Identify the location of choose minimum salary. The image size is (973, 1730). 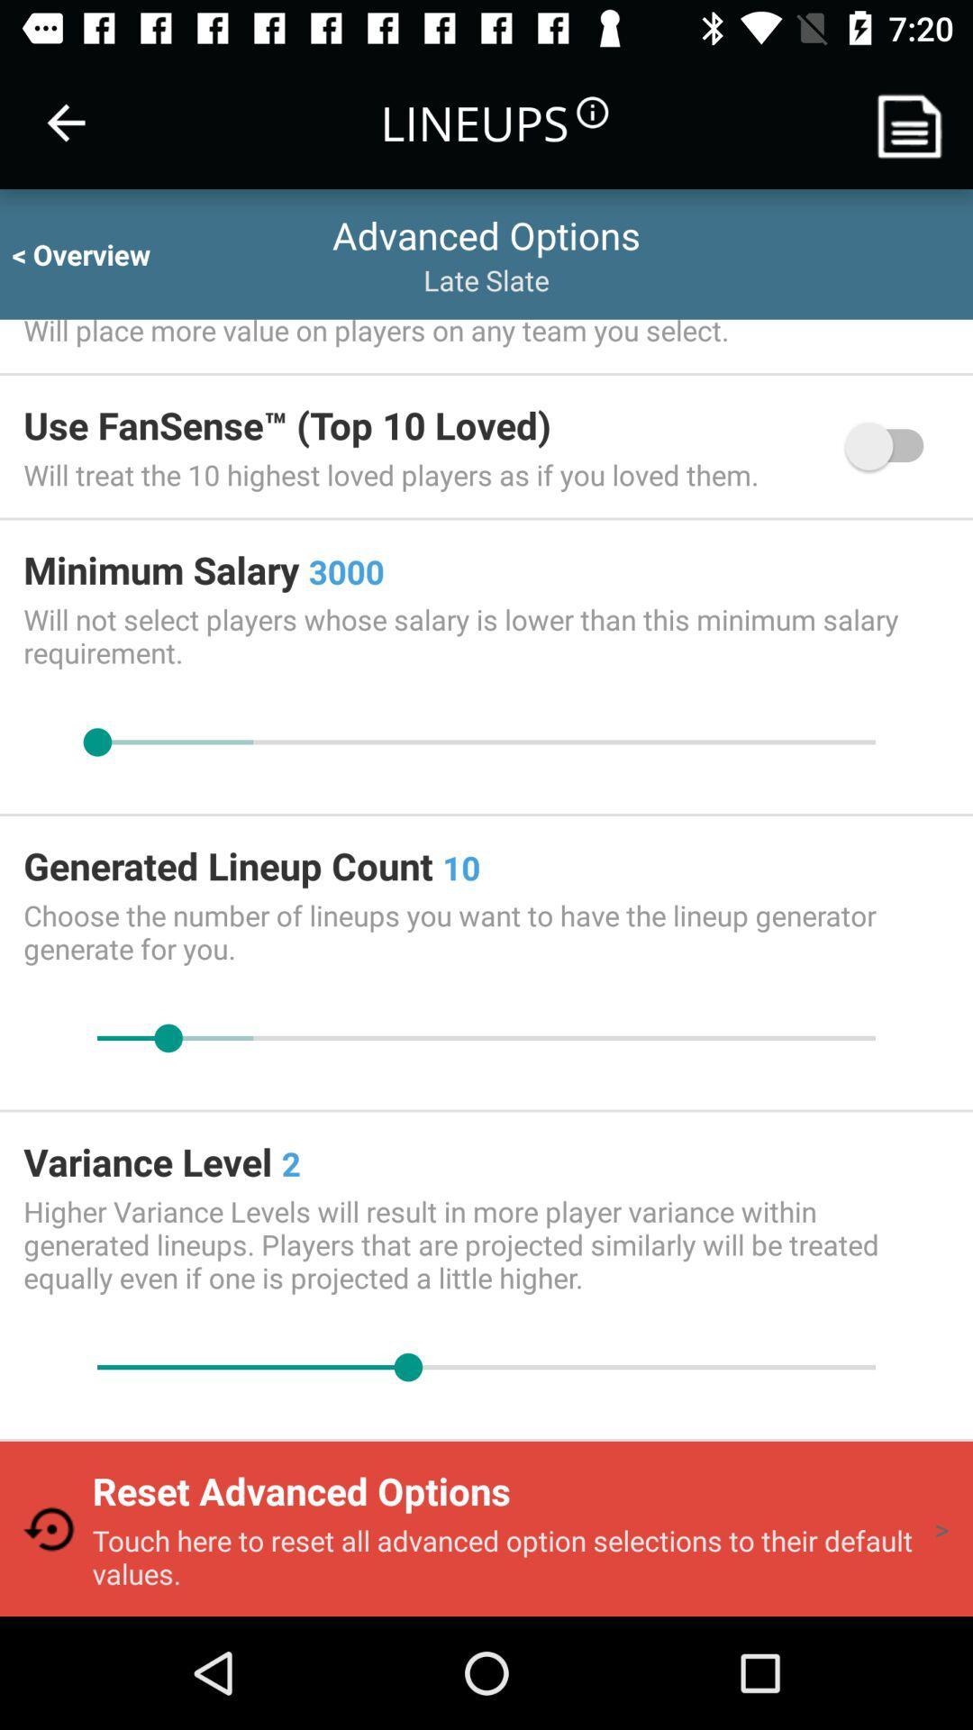
(486, 742).